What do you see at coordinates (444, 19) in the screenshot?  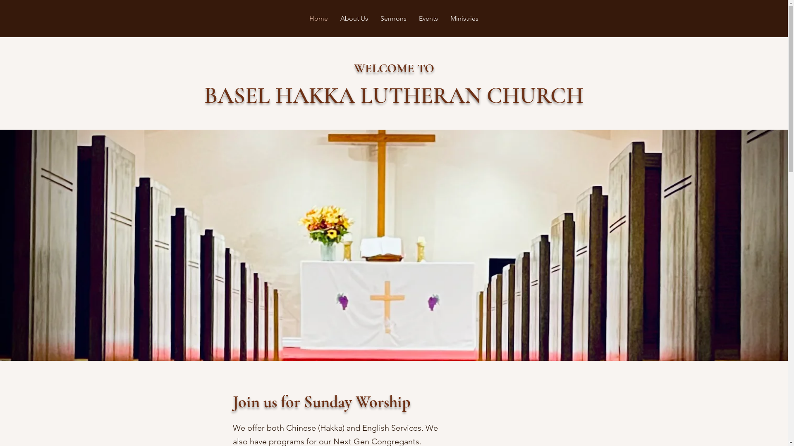 I see `'Ministries'` at bounding box center [444, 19].